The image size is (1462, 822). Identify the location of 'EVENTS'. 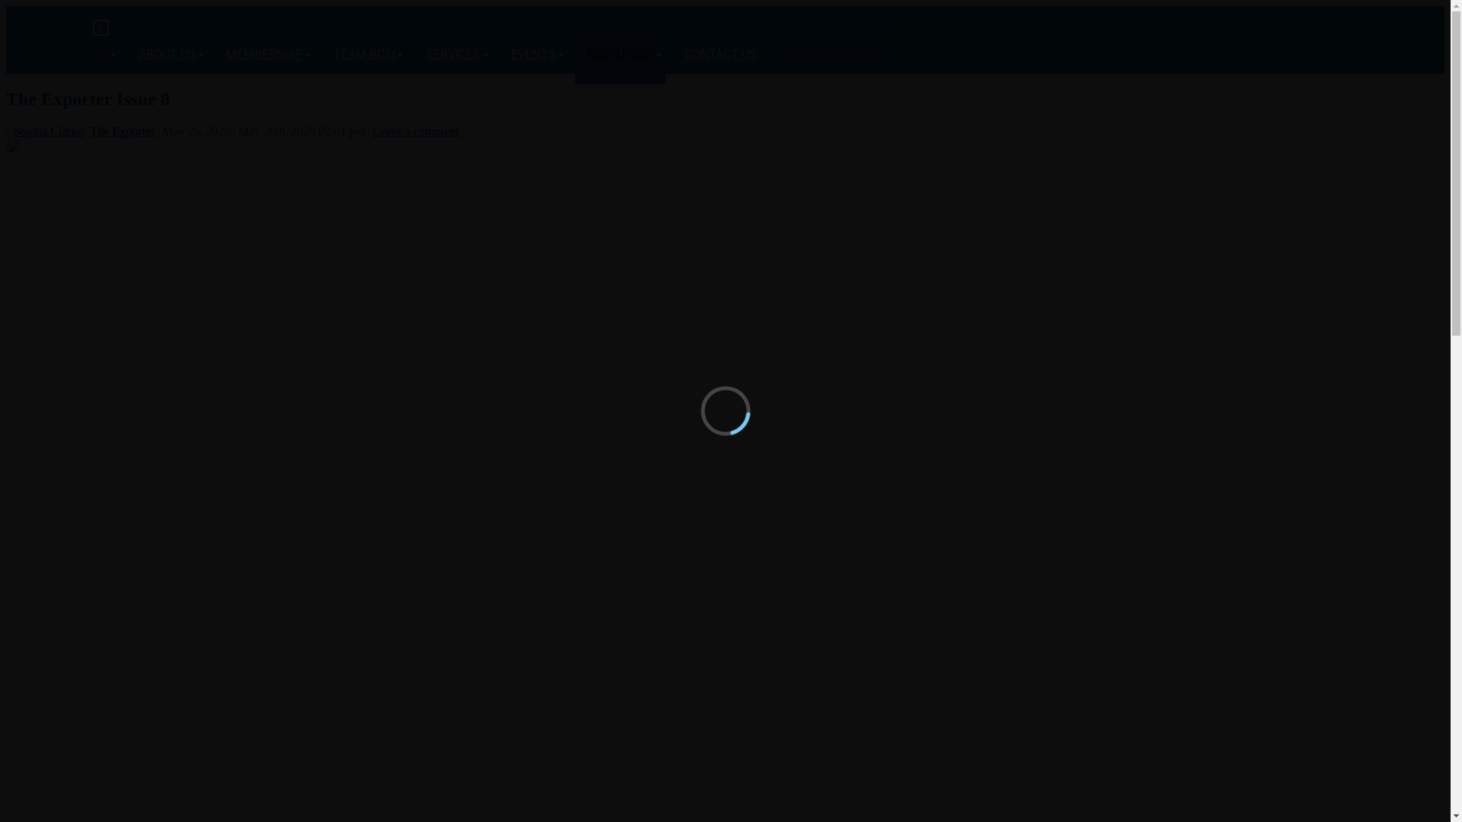
(533, 52).